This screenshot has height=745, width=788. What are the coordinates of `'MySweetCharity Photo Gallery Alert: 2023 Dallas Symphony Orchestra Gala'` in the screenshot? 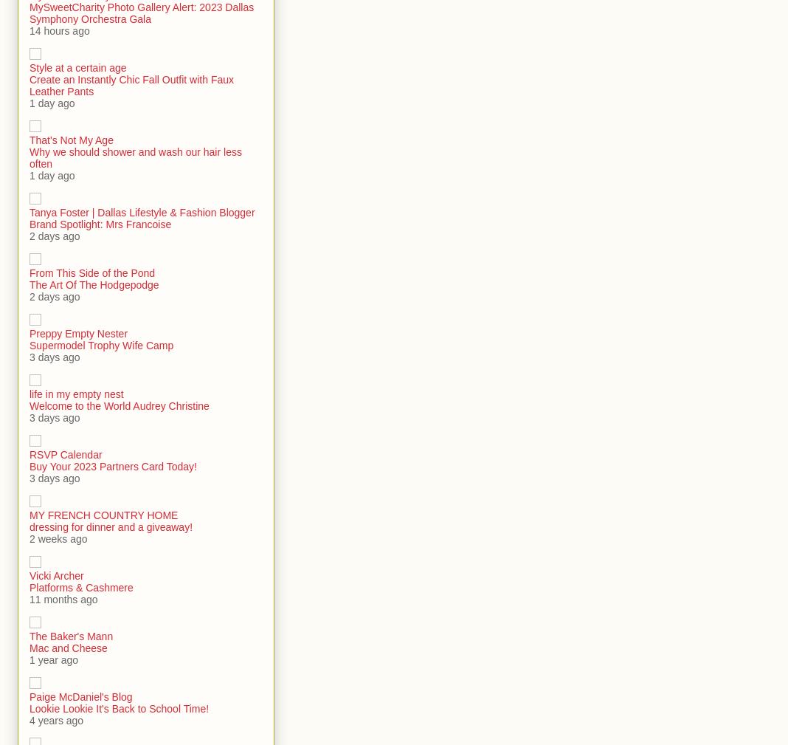 It's located at (142, 12).